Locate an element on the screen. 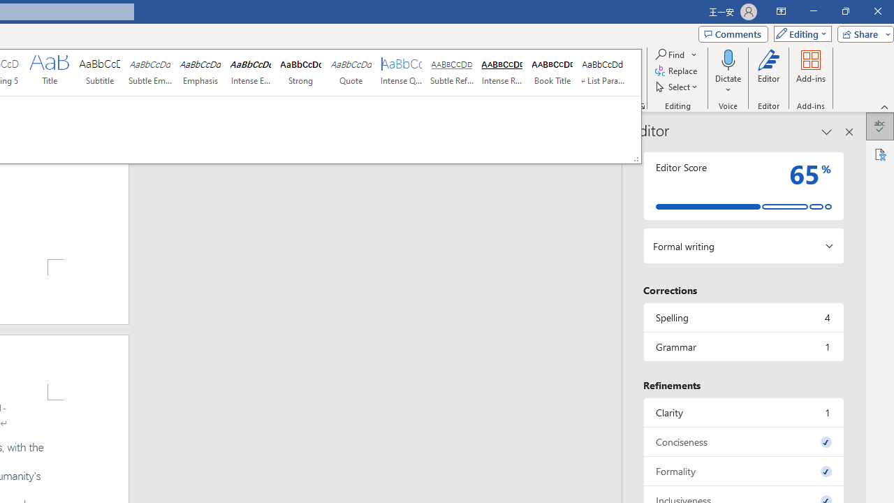 The height and width of the screenshot is (503, 894). 'Editor Score 65%' is located at coordinates (742, 185).